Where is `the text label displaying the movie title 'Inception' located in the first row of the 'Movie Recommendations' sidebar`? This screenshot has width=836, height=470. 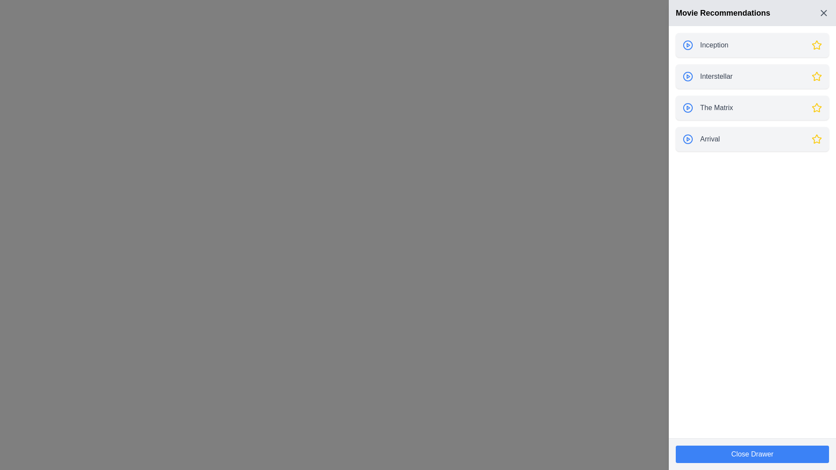 the text label displaying the movie title 'Inception' located in the first row of the 'Movie Recommendations' sidebar is located at coordinates (714, 45).